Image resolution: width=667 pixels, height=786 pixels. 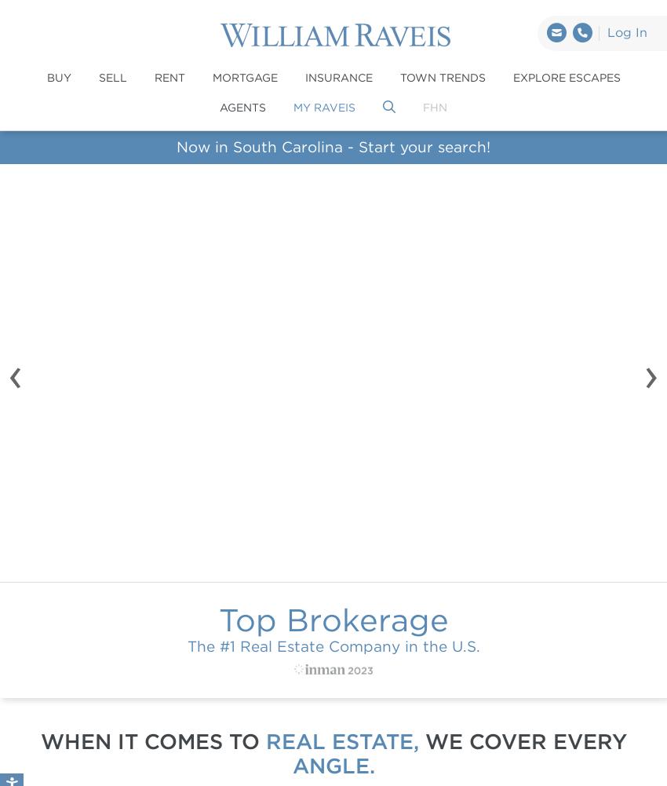 What do you see at coordinates (435, 106) in the screenshot?
I see `'FHN'` at bounding box center [435, 106].